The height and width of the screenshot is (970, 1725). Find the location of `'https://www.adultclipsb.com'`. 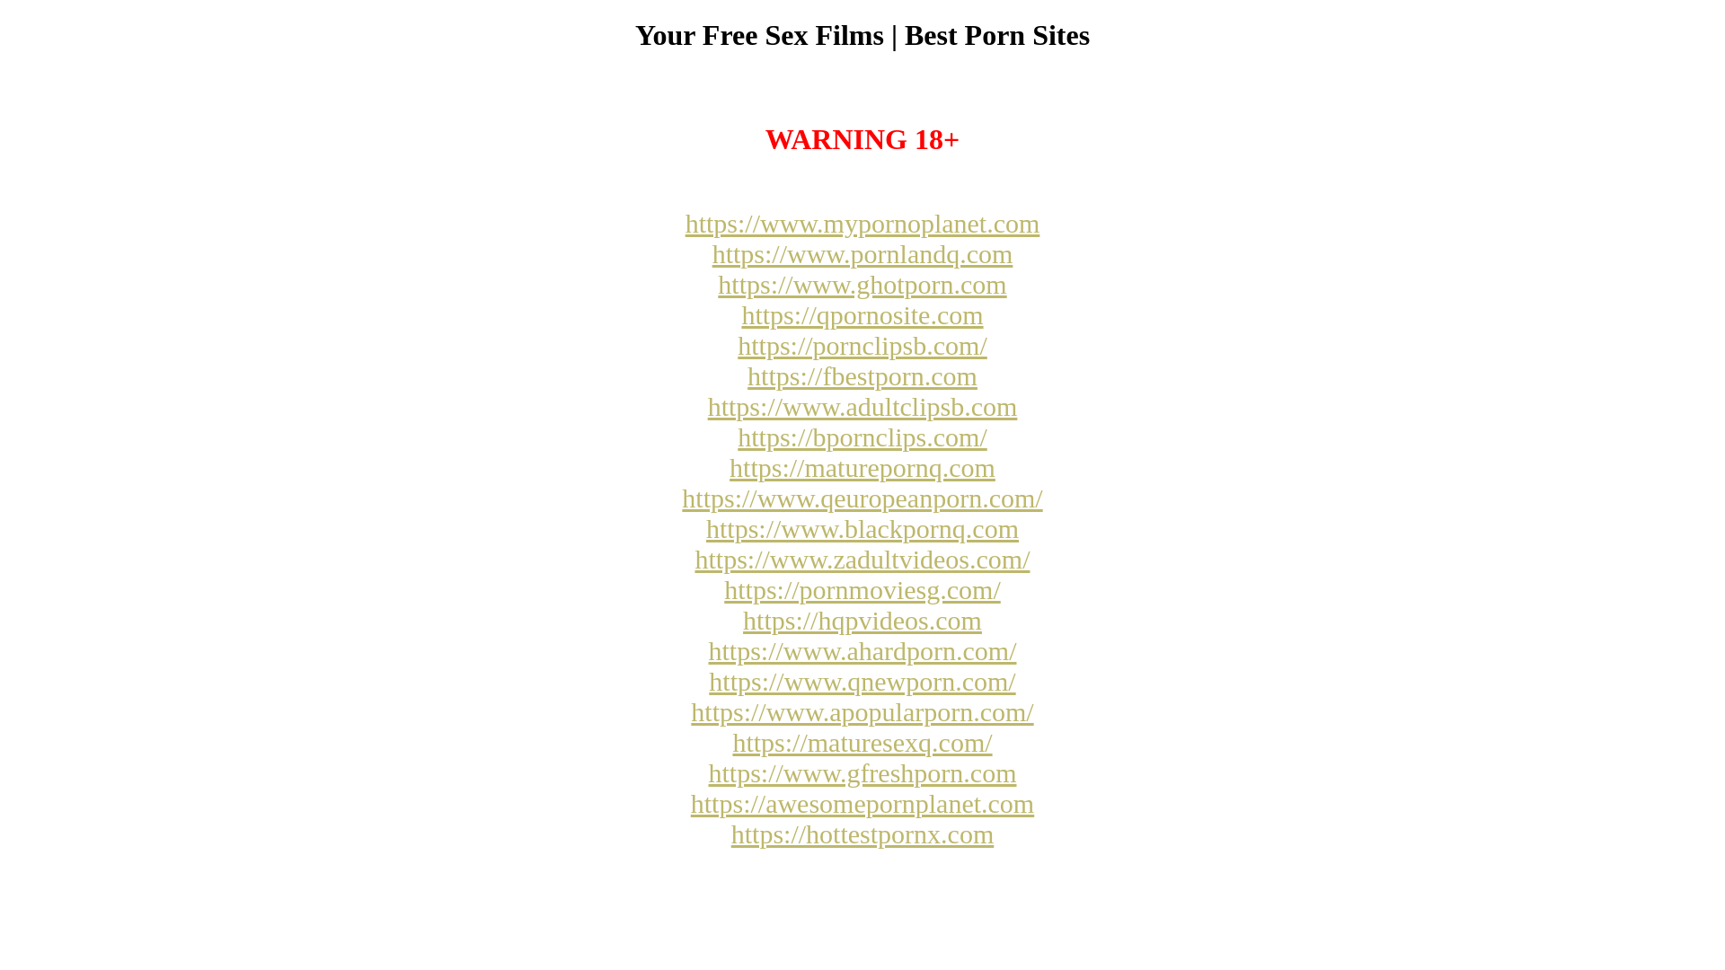

'https://www.adultclipsb.com' is located at coordinates (862, 406).